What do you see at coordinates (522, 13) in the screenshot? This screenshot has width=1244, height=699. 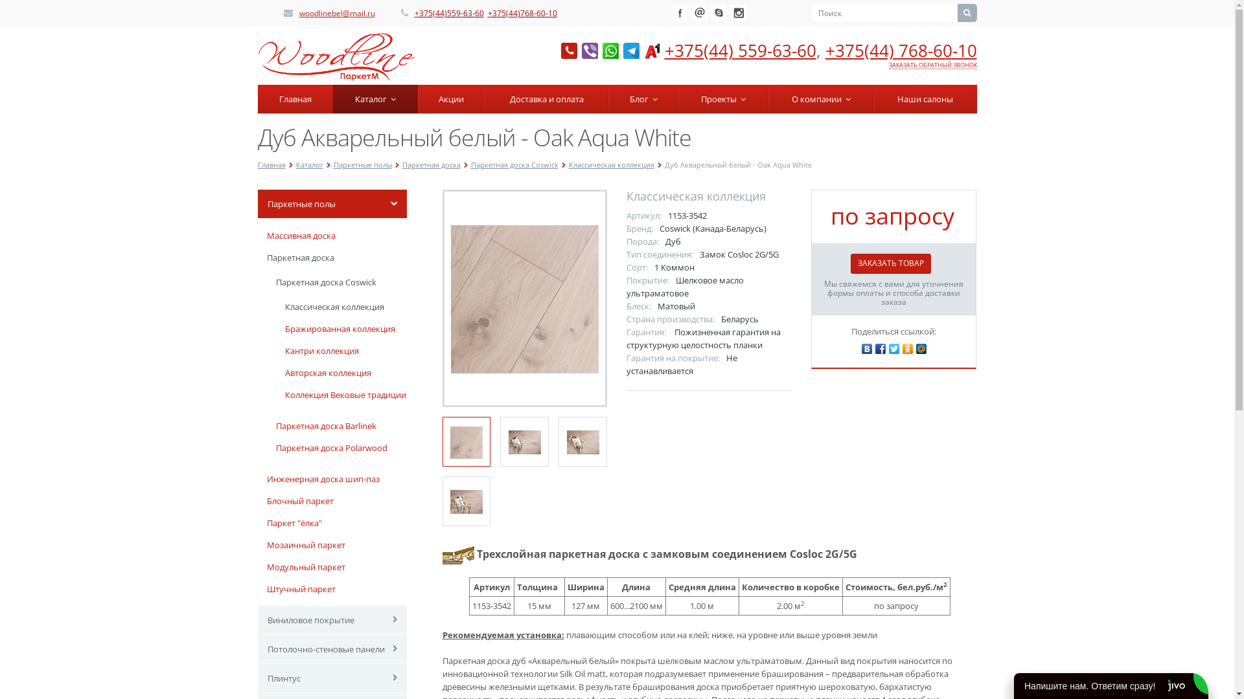 I see `'+375(44)768-60-10'` at bounding box center [522, 13].